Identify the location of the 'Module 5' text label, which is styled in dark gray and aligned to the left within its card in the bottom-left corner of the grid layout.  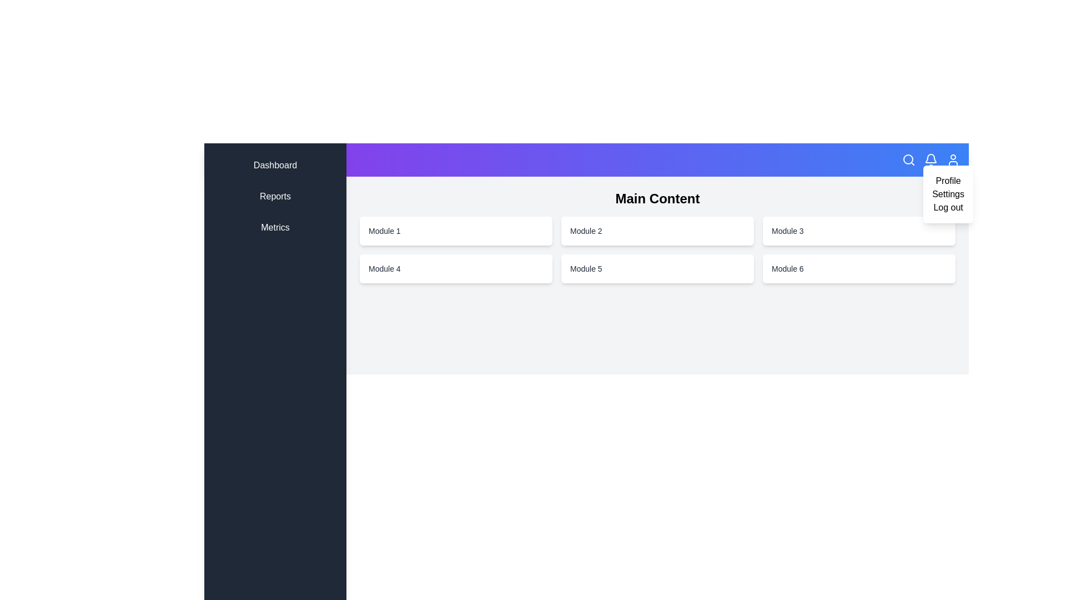
(585, 268).